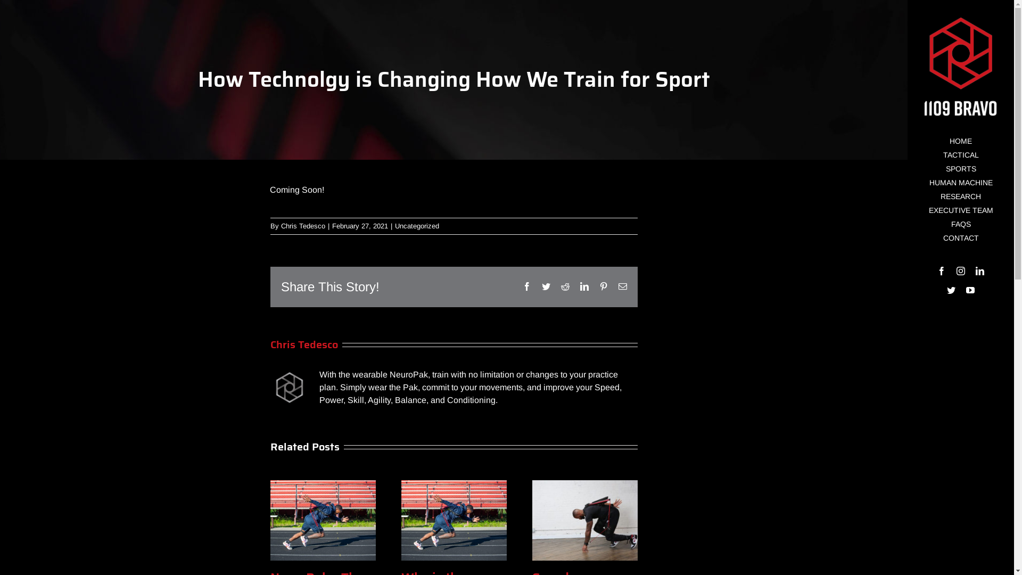  What do you see at coordinates (960, 237) in the screenshot?
I see `'CONTACT'` at bounding box center [960, 237].